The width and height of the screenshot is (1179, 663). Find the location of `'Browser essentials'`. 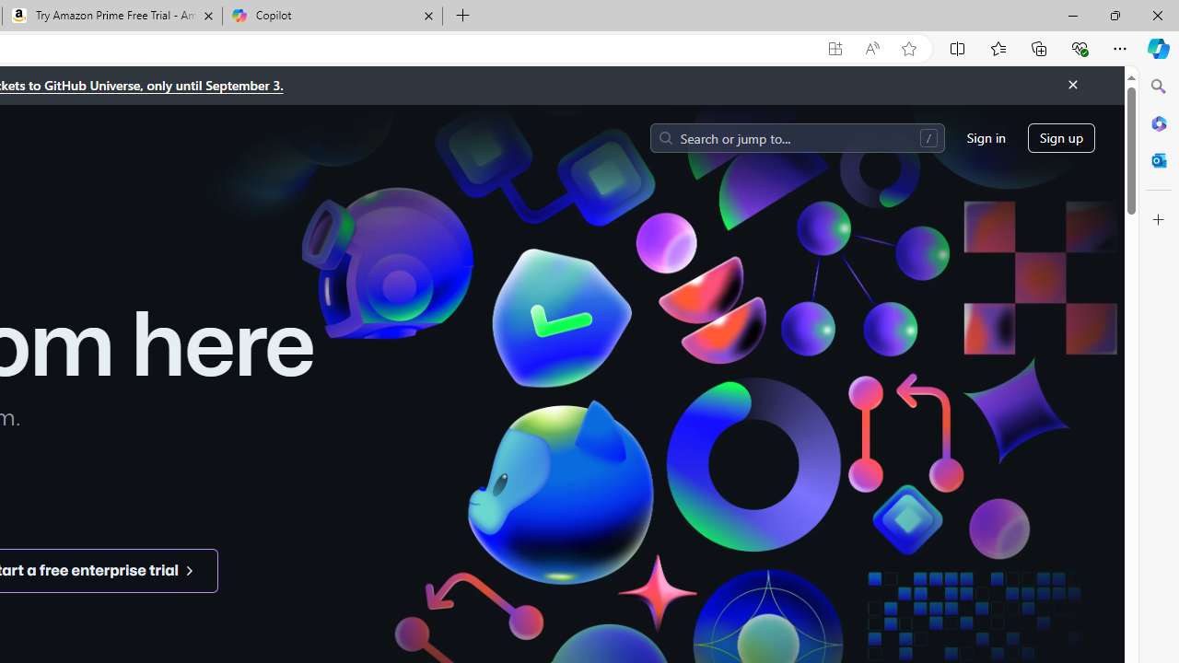

'Browser essentials' is located at coordinates (1079, 47).